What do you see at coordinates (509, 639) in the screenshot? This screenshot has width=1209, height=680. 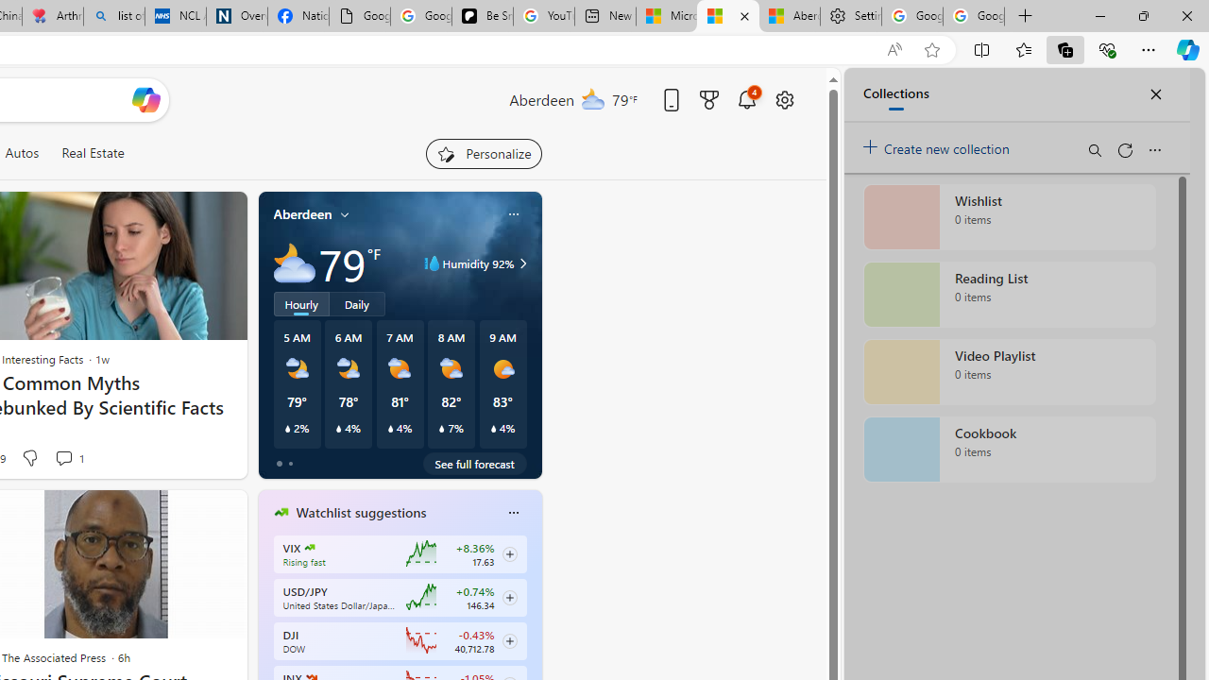 I see `'Class: follow-button  m'` at bounding box center [509, 639].